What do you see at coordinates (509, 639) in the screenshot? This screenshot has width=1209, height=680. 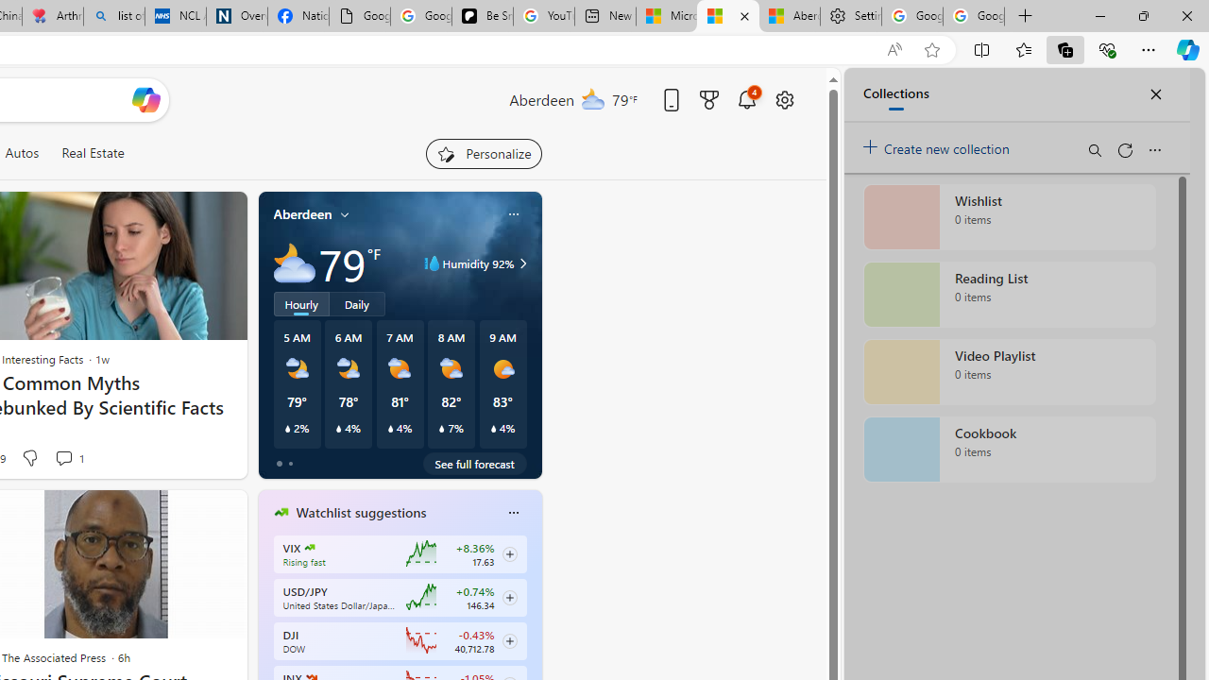 I see `'Class: follow-button  m'` at bounding box center [509, 639].